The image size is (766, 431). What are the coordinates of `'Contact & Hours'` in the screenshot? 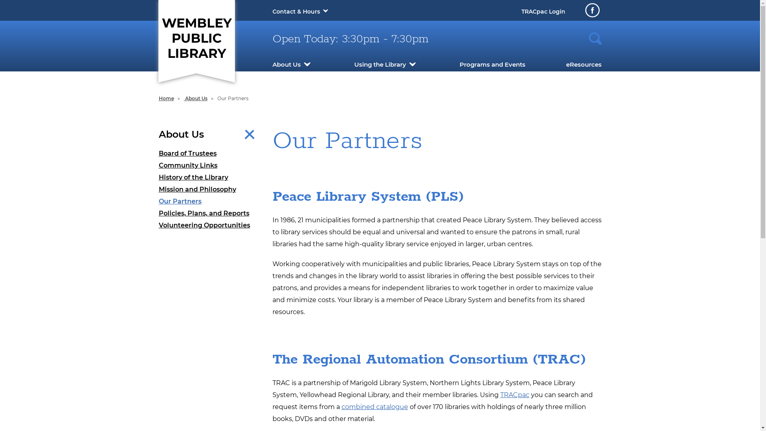 It's located at (295, 12).